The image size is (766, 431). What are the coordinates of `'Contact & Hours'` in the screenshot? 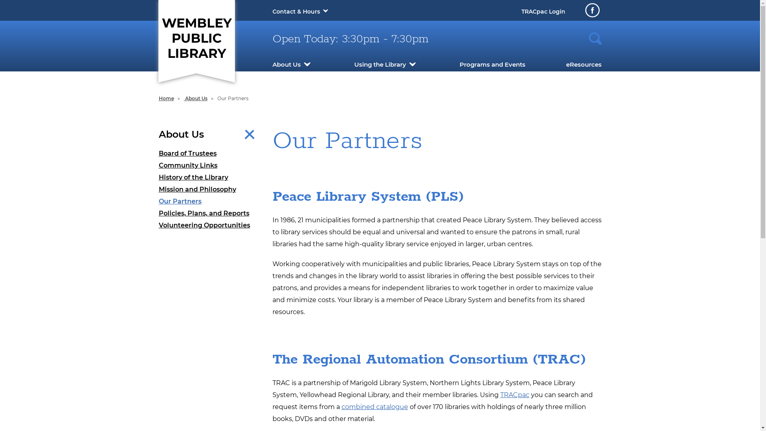 It's located at (295, 12).